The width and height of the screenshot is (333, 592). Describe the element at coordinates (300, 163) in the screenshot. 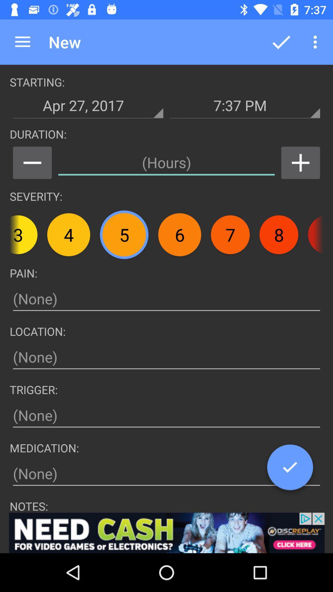

I see `hours` at that location.